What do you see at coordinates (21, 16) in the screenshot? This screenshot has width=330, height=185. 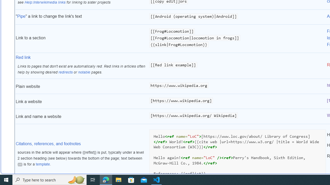 I see `'Pipe'` at bounding box center [21, 16].